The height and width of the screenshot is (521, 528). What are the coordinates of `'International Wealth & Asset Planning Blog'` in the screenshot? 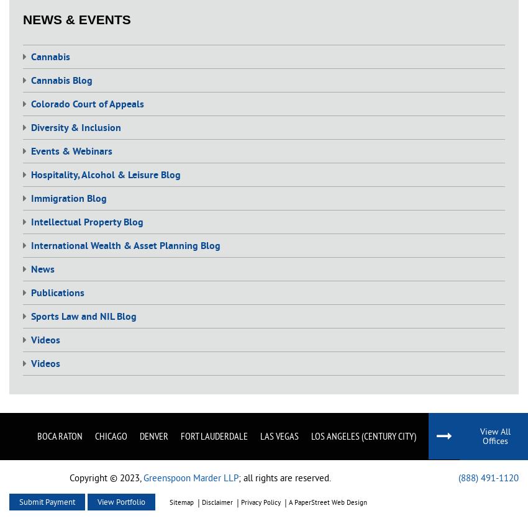 It's located at (125, 246).